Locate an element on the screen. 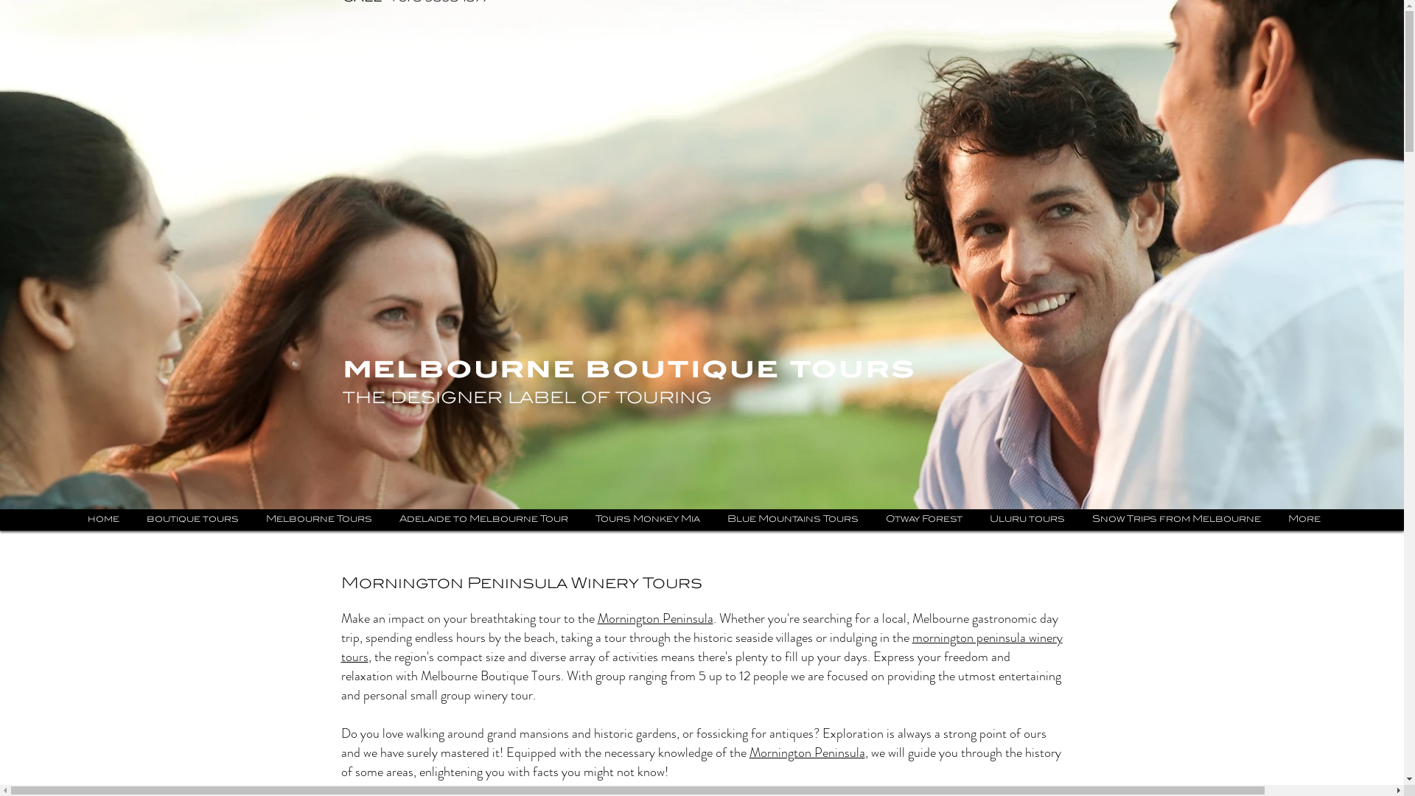 This screenshot has height=796, width=1415. 'Melbourne Tours' is located at coordinates (318, 519).